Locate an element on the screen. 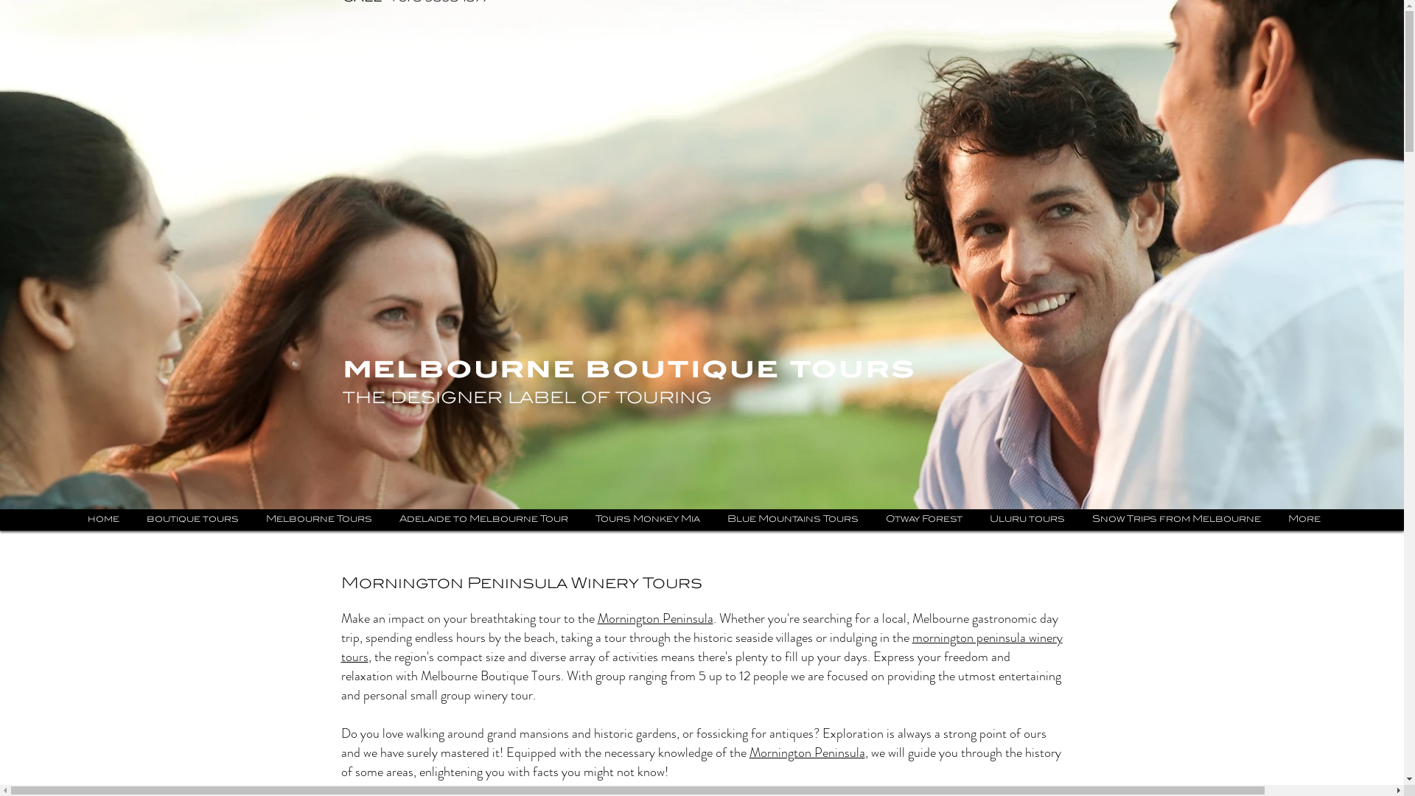 This screenshot has height=796, width=1415. 'Melbourne Tours' is located at coordinates (318, 519).